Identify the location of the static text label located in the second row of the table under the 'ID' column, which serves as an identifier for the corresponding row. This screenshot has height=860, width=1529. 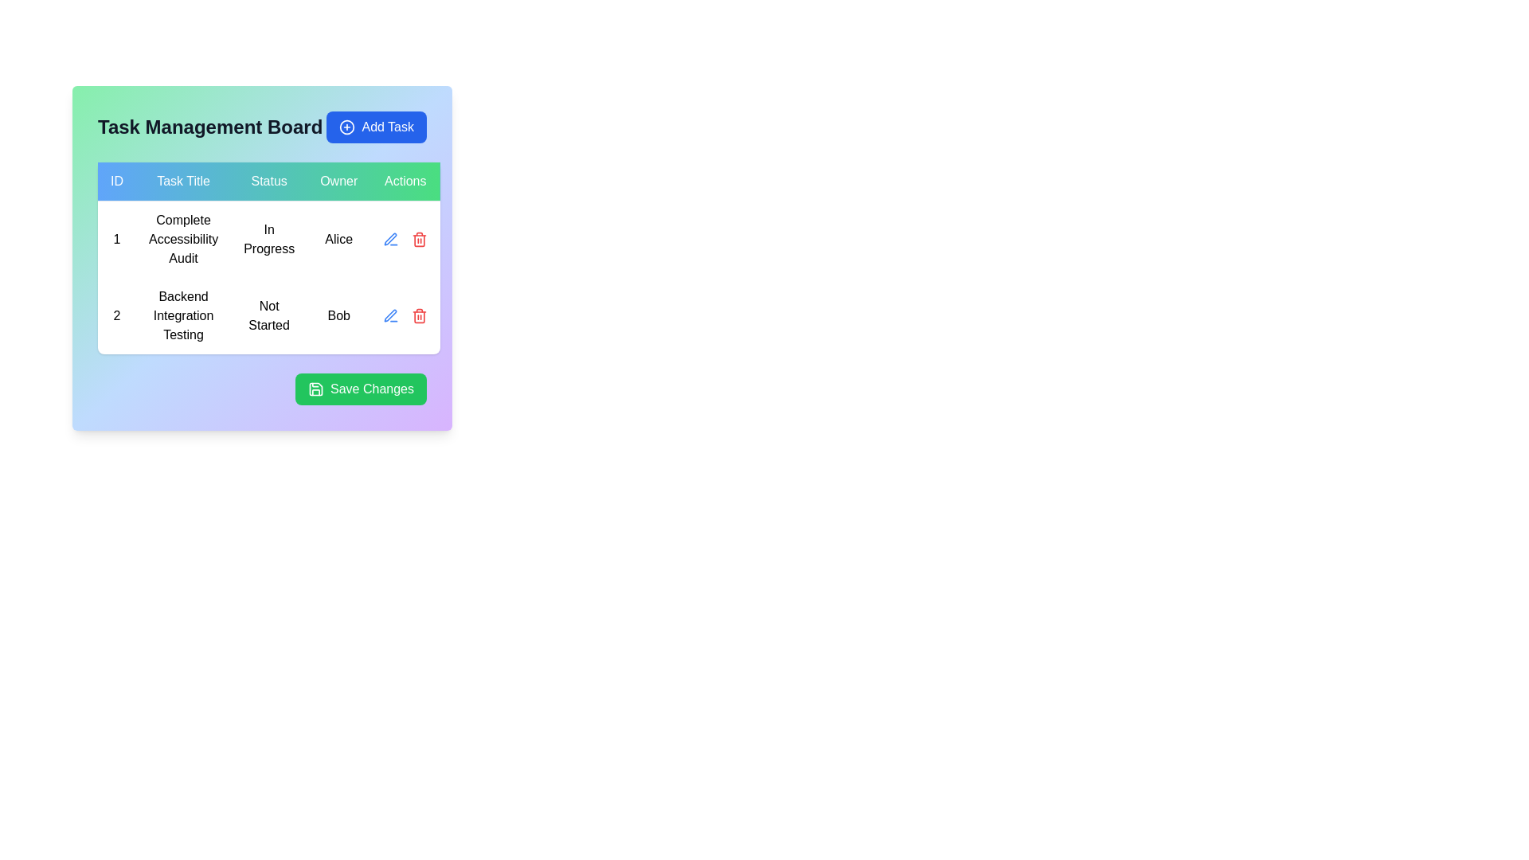
(116, 316).